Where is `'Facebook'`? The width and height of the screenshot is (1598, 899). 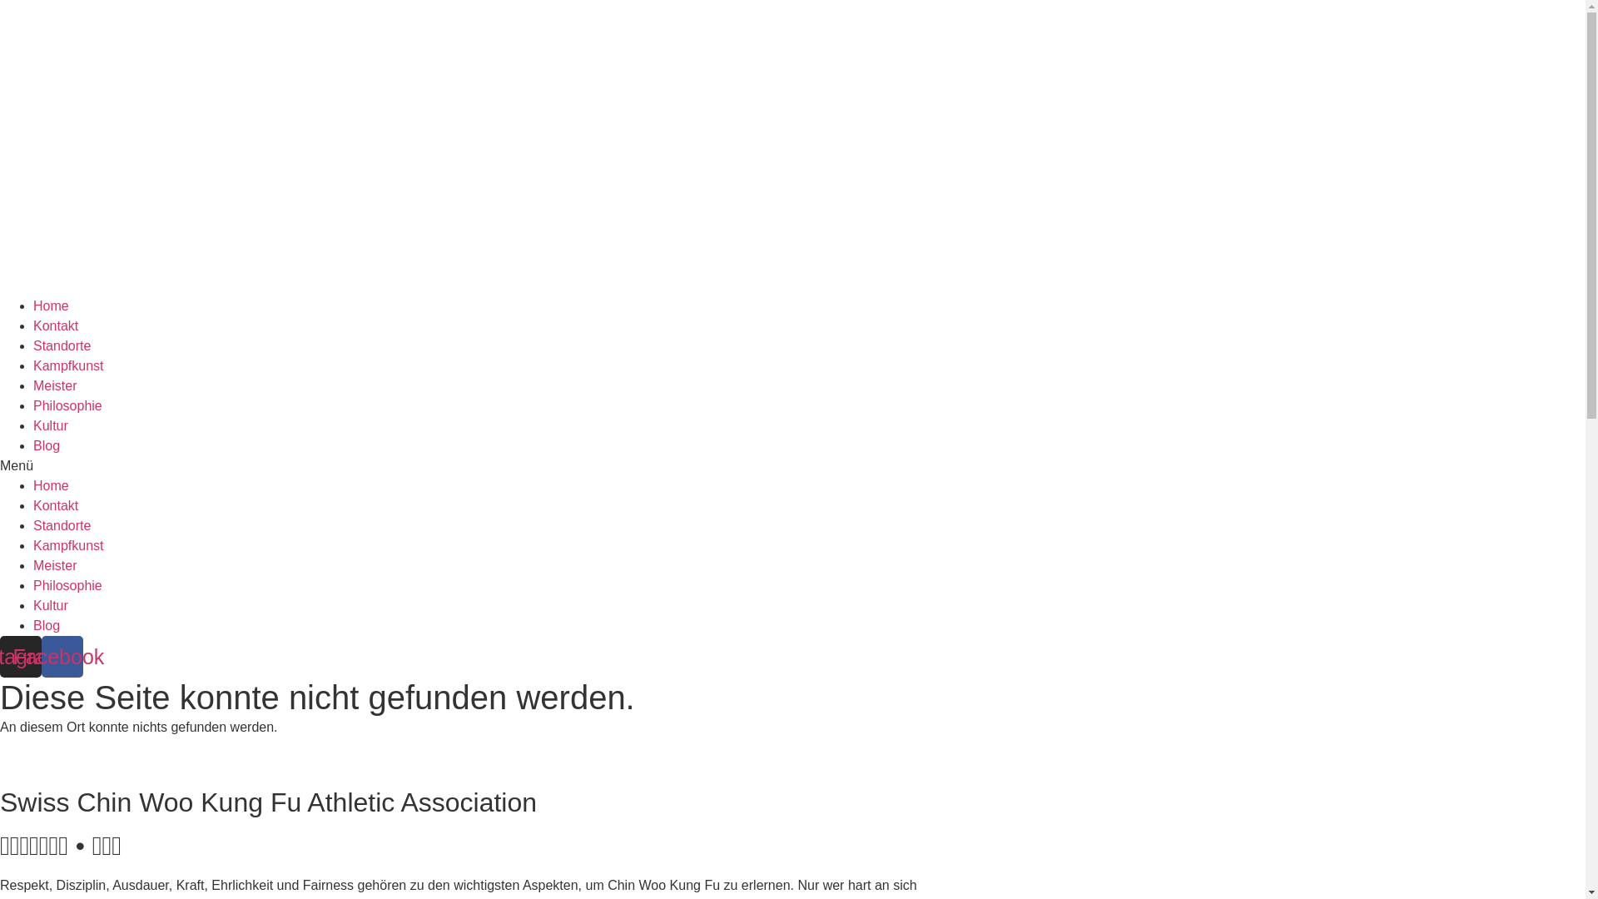
'Facebook' is located at coordinates (62, 656).